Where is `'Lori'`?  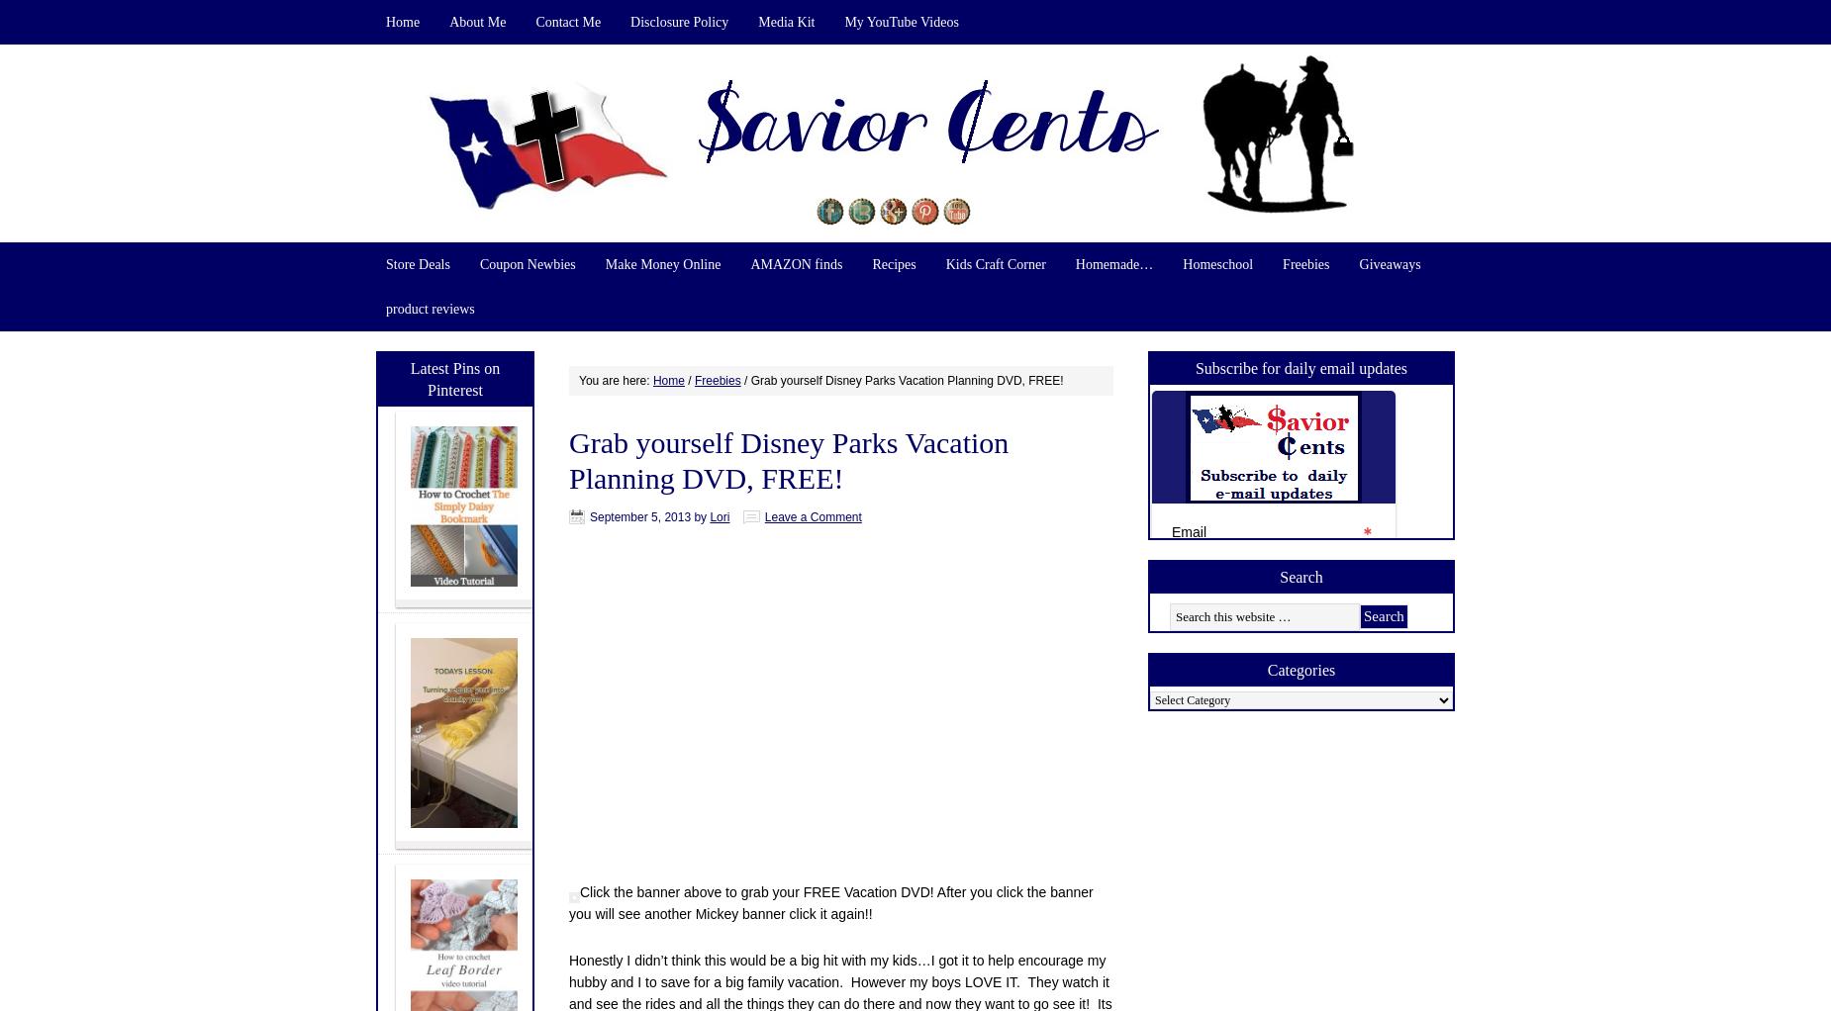 'Lori' is located at coordinates (720, 515).